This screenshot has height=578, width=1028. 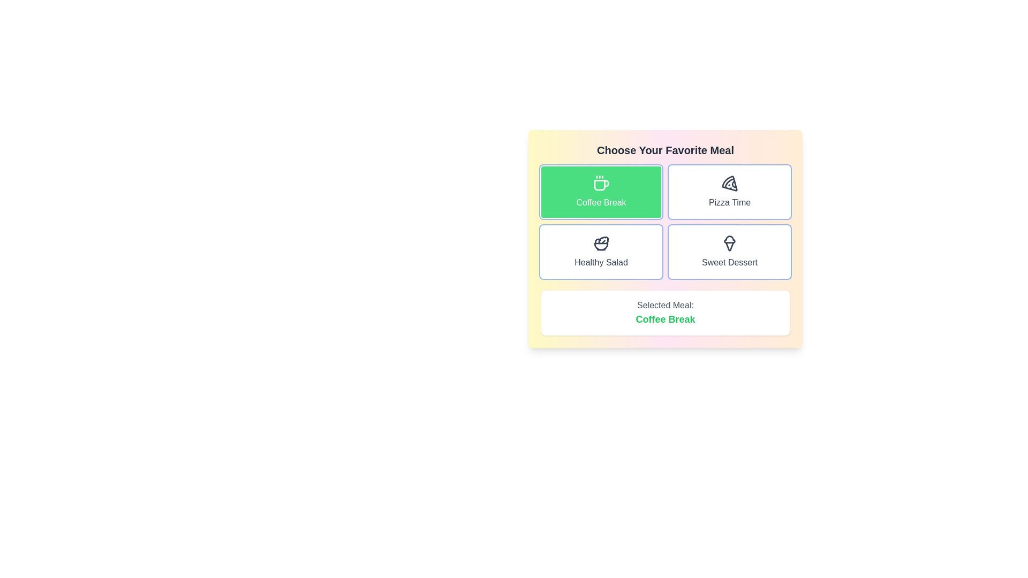 What do you see at coordinates (601, 252) in the screenshot?
I see `the button labeled Healthy Salad to view its hover effect` at bounding box center [601, 252].